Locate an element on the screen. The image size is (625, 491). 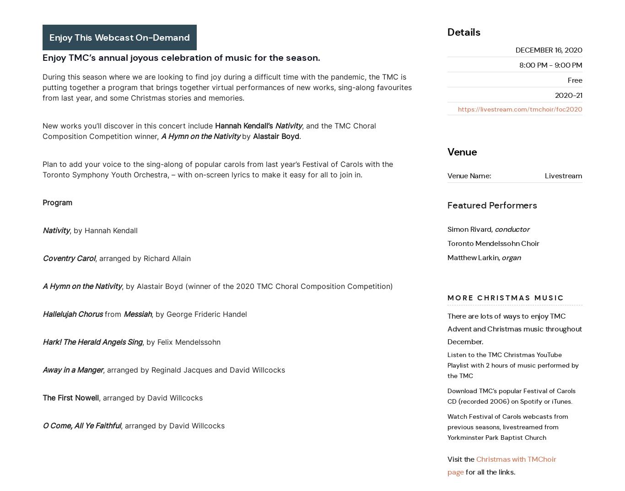
'Away in a Manger' is located at coordinates (72, 369).